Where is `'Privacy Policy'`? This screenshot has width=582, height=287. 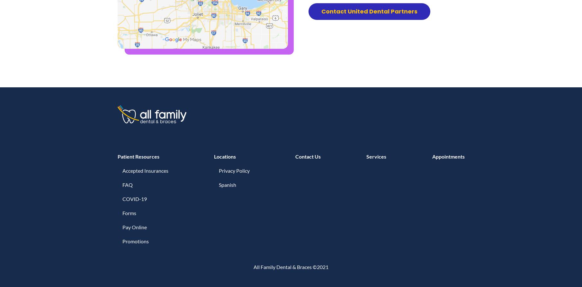 'Privacy Policy' is located at coordinates (234, 170).